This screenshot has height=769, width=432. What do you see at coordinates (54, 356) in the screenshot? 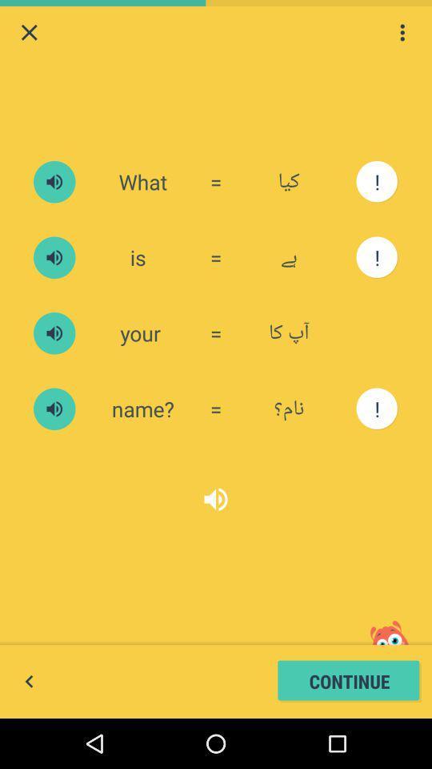
I see `the volume icon` at bounding box center [54, 356].